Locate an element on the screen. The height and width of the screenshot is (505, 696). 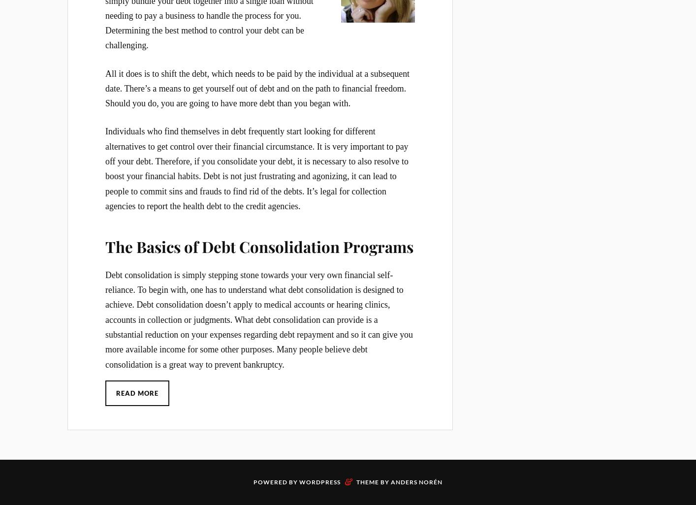
'The Basics of Debt Consolidation Programs' is located at coordinates (258, 246).